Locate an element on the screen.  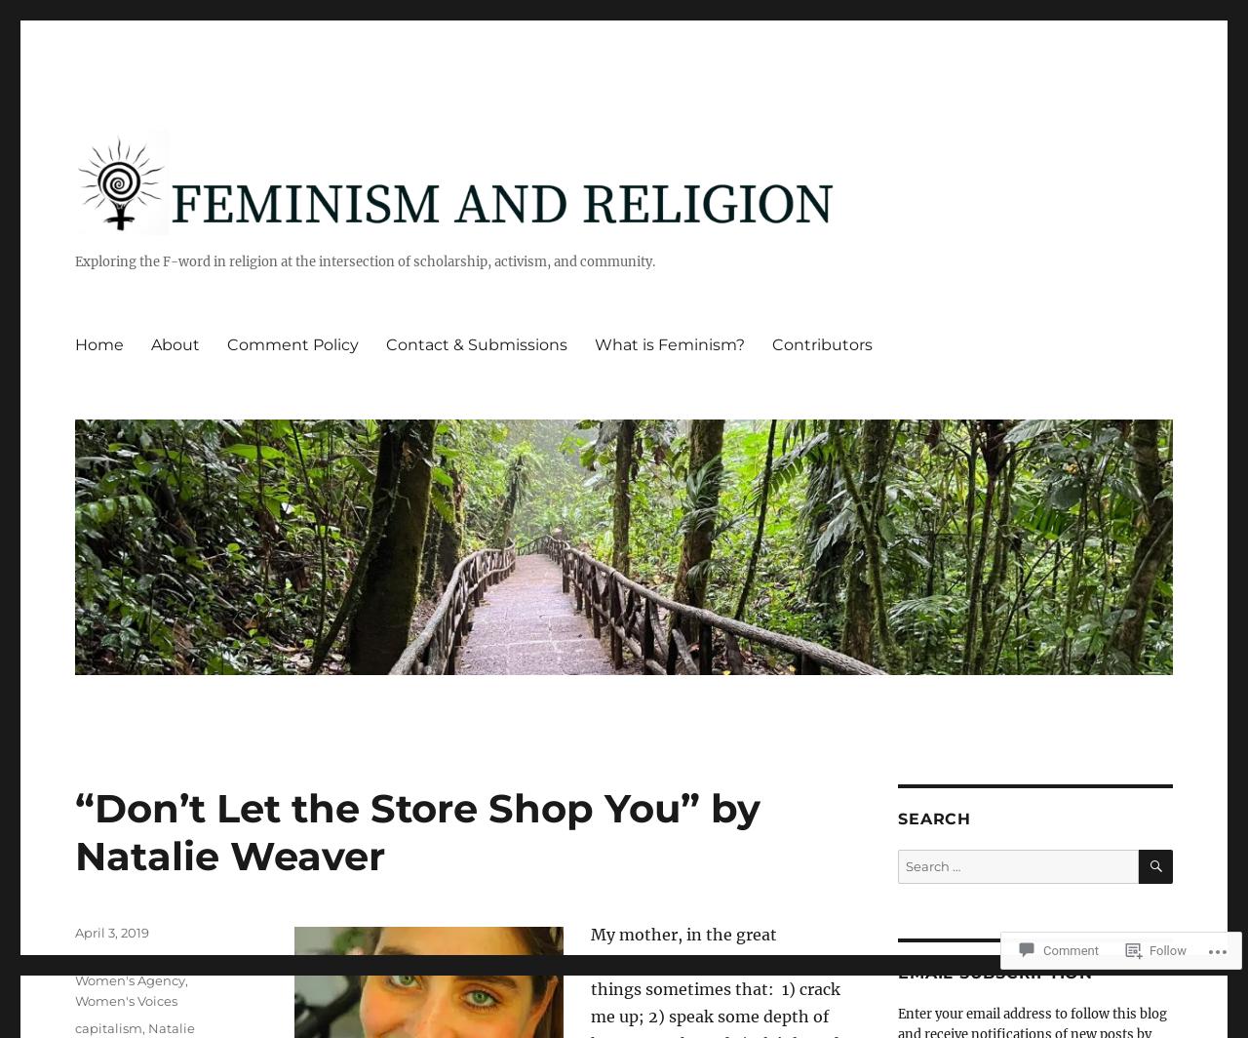
'Home' is located at coordinates (98, 343).